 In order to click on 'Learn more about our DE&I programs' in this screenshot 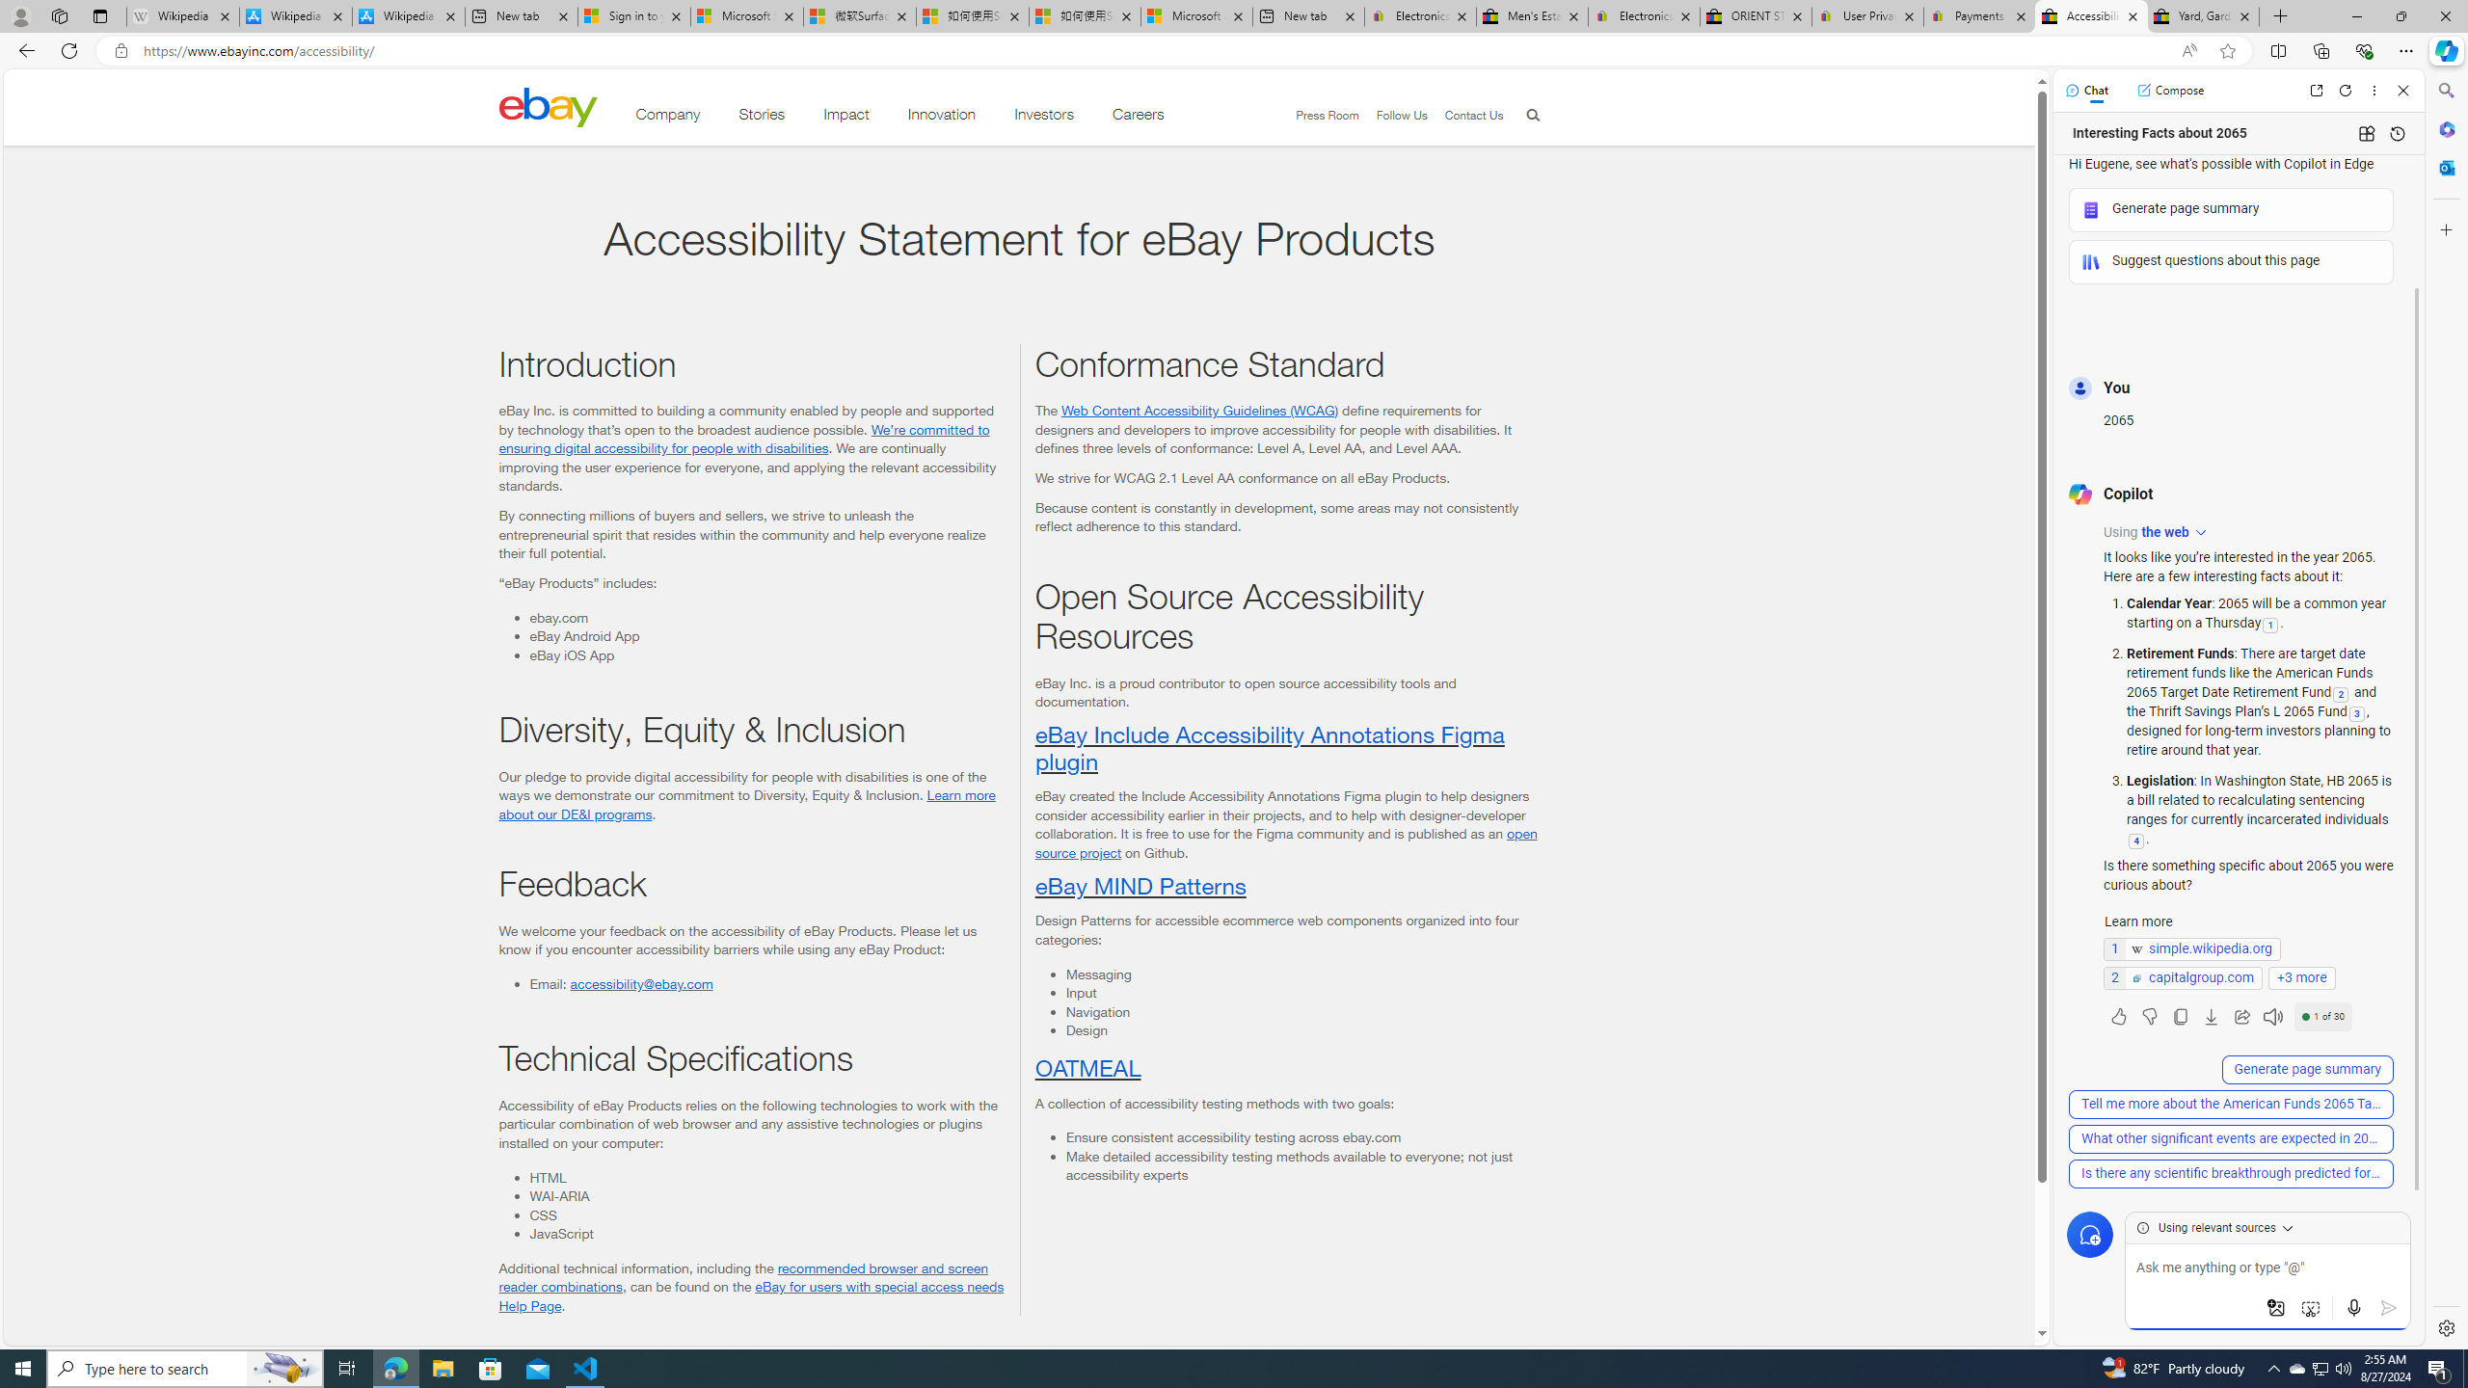, I will do `click(746, 804)`.